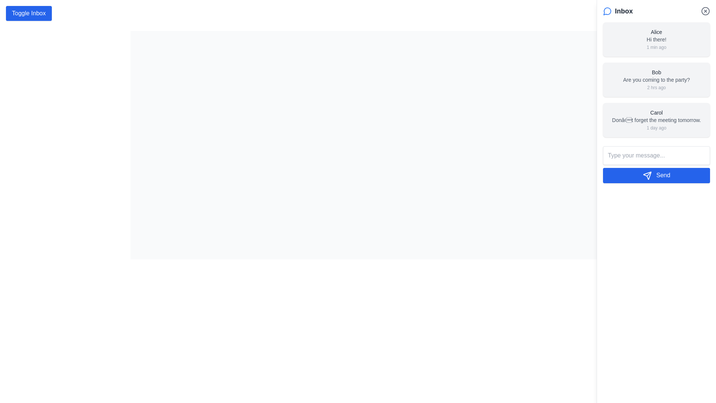 This screenshot has height=403, width=716. I want to click on the time elapsed text label indicating when the message was received, which is located at the bottom-right corner of the message card below the sender's name ('Bob'), so click(656, 87).